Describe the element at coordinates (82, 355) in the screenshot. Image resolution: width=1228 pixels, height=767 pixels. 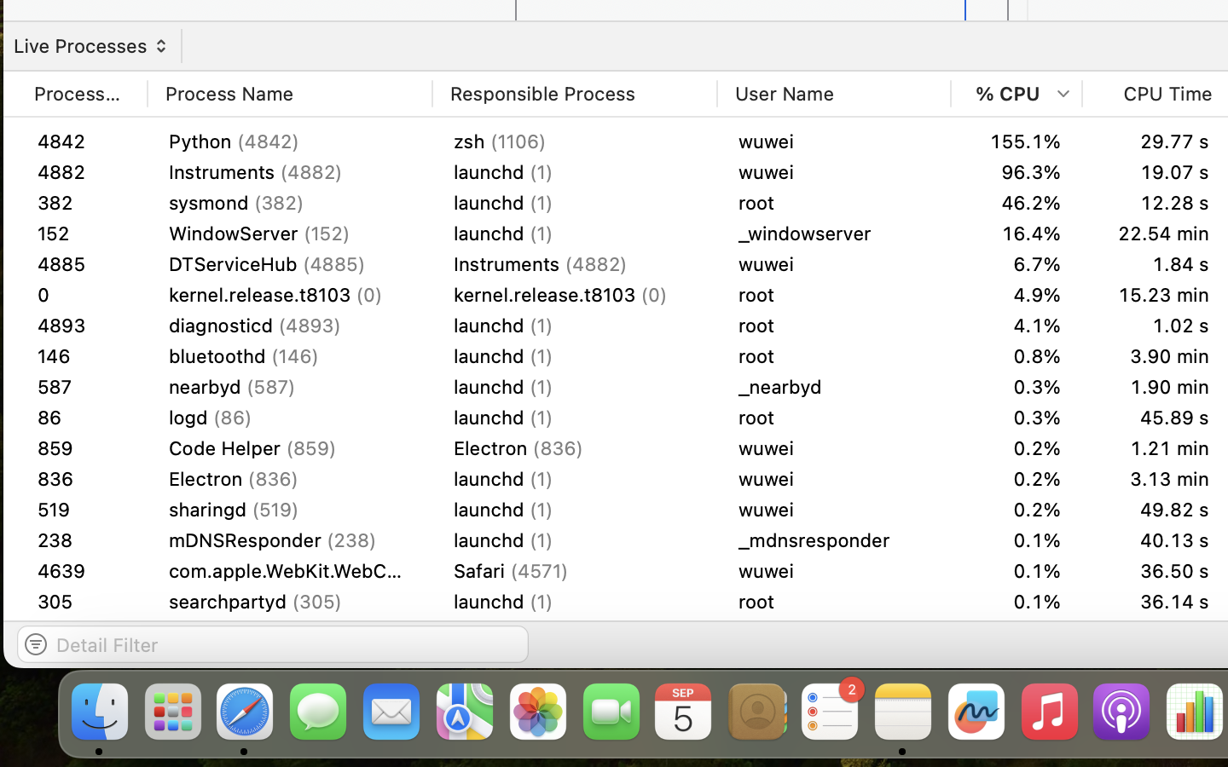
I see `'146'` at that location.